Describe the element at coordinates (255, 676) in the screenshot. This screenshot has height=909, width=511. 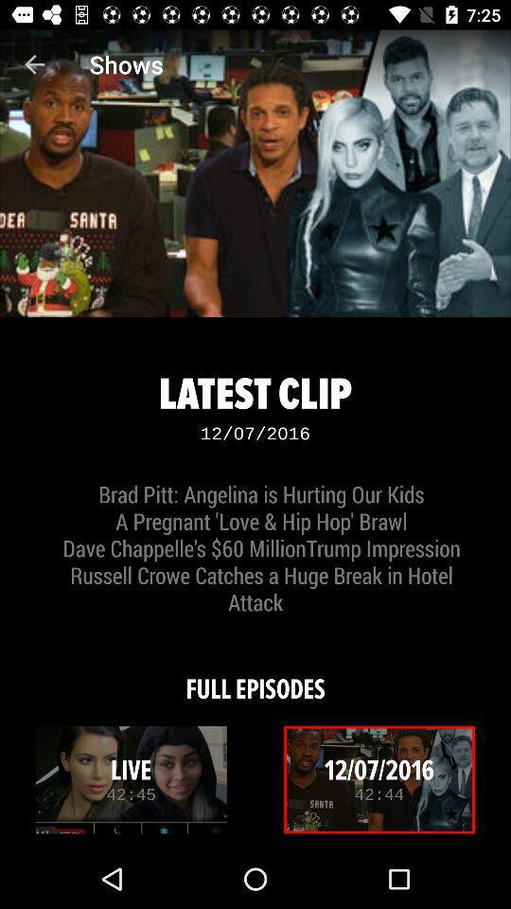
I see `the item below the brad pitt angelina icon` at that location.